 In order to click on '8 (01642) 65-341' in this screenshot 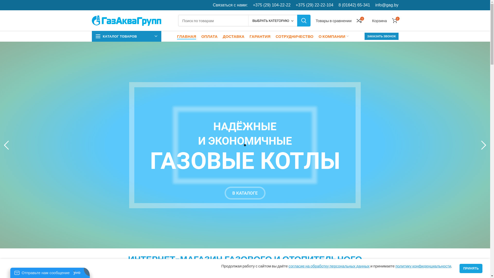, I will do `click(354, 5)`.